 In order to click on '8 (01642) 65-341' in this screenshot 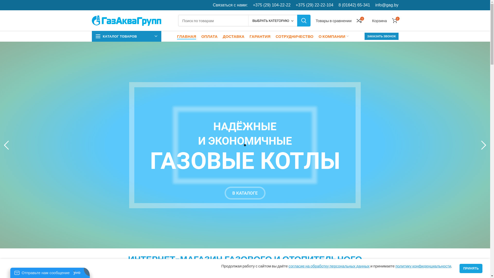, I will do `click(354, 5)`.